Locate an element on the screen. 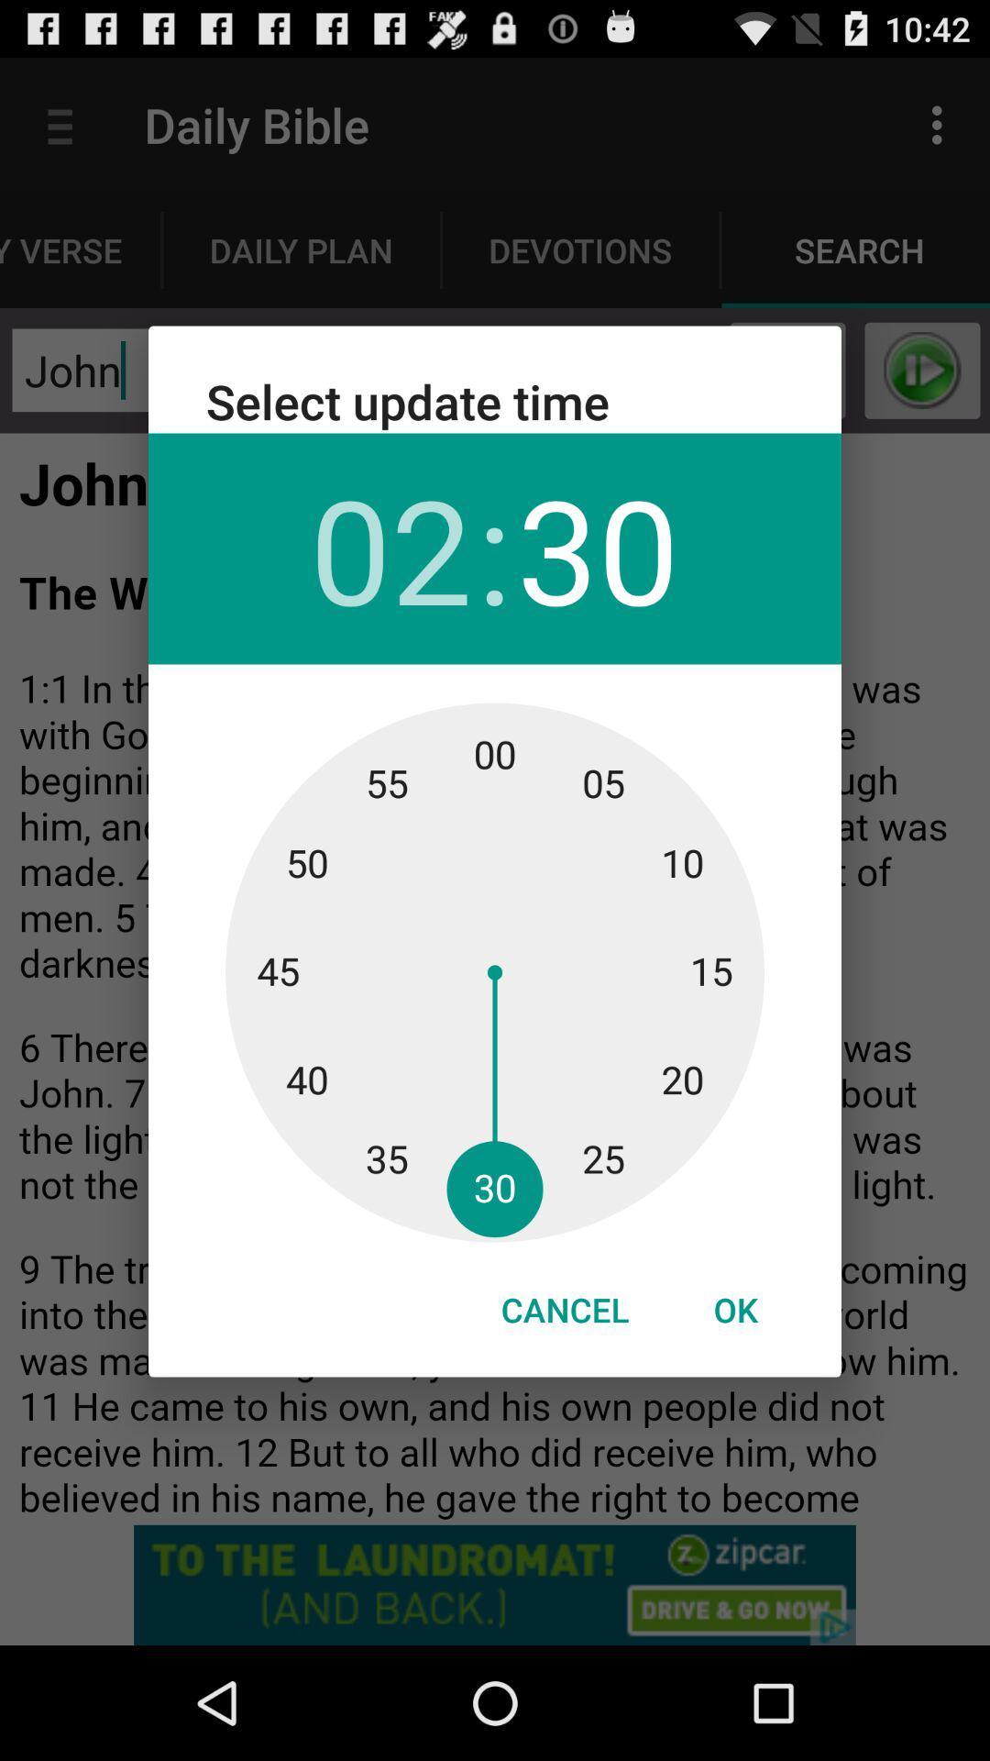  icon to the right of : icon is located at coordinates (598, 548).